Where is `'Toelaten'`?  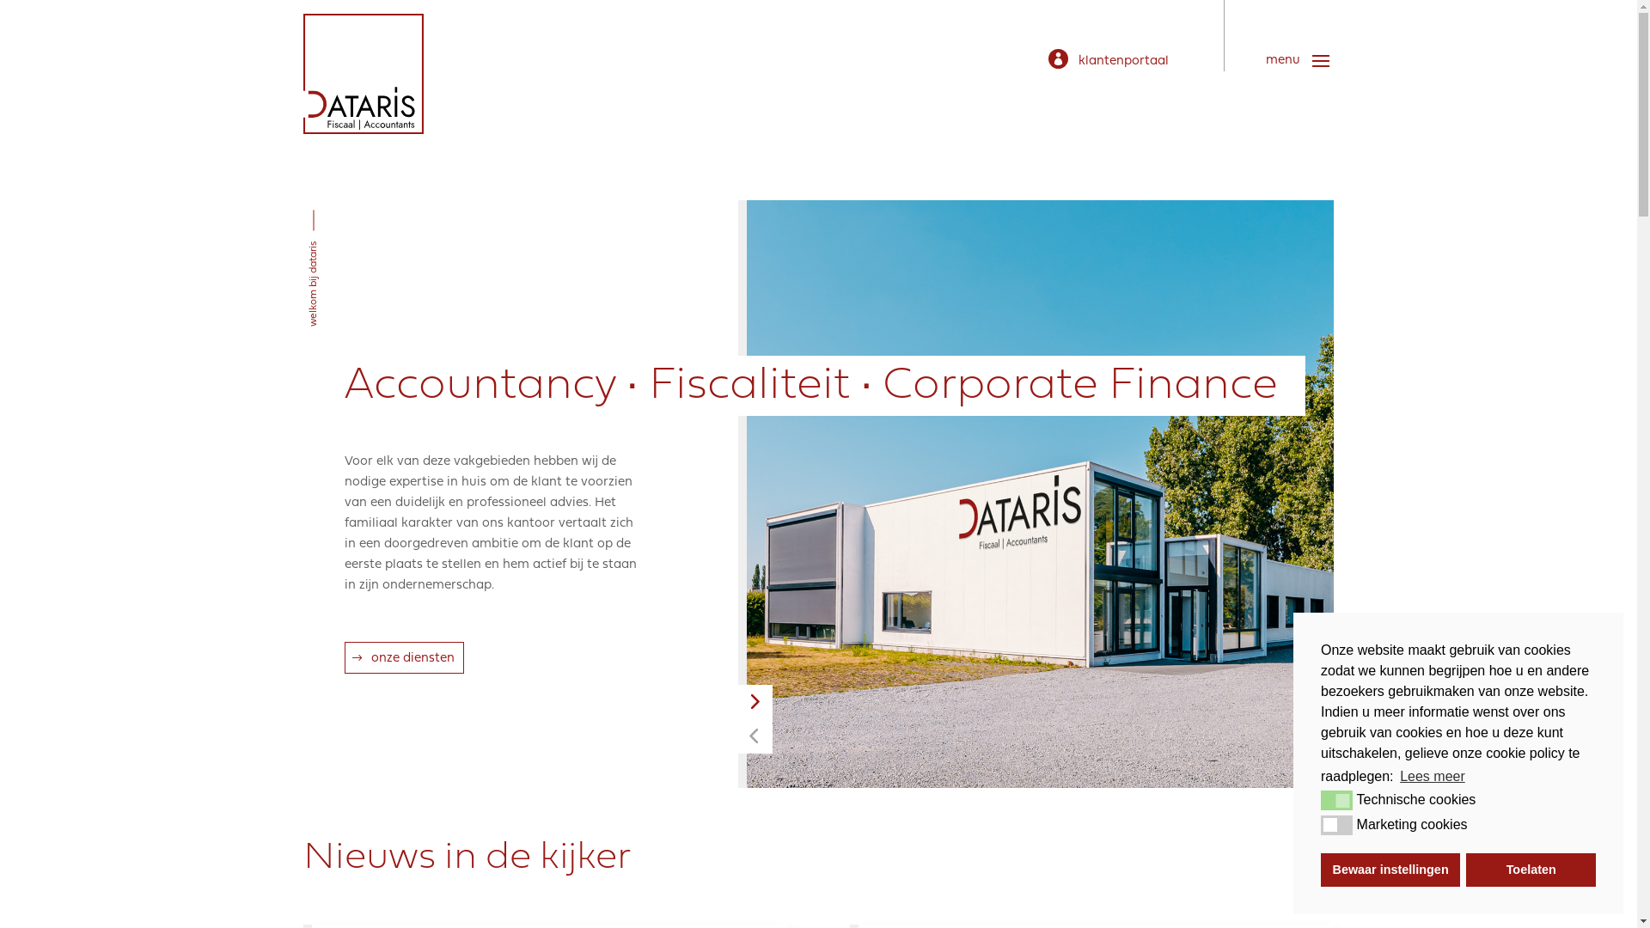
'Toelaten' is located at coordinates (1531, 869).